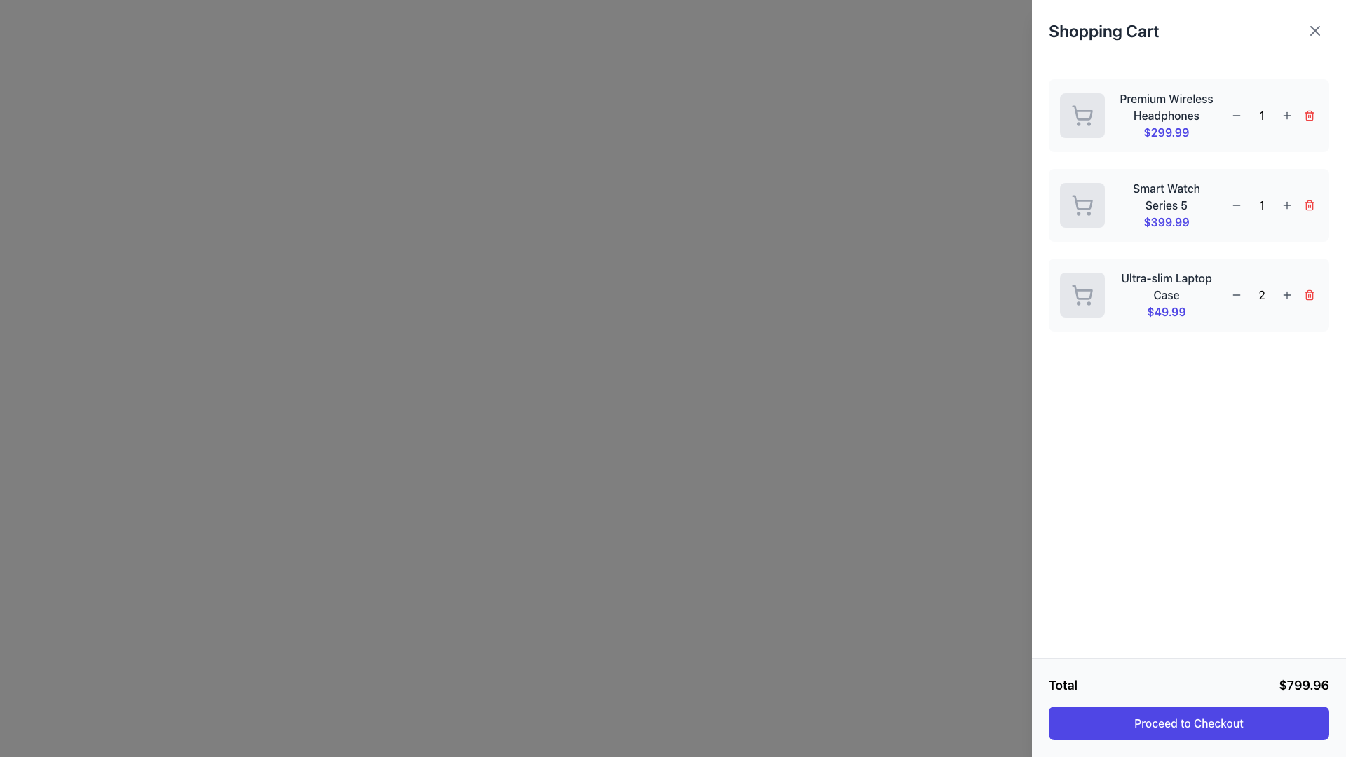  Describe the element at coordinates (1287, 205) in the screenshot. I see `the button to increase the quantity of the 'Smart Watch Series 5' item in the shopping cart, located to the right of the quantity indicator` at that location.